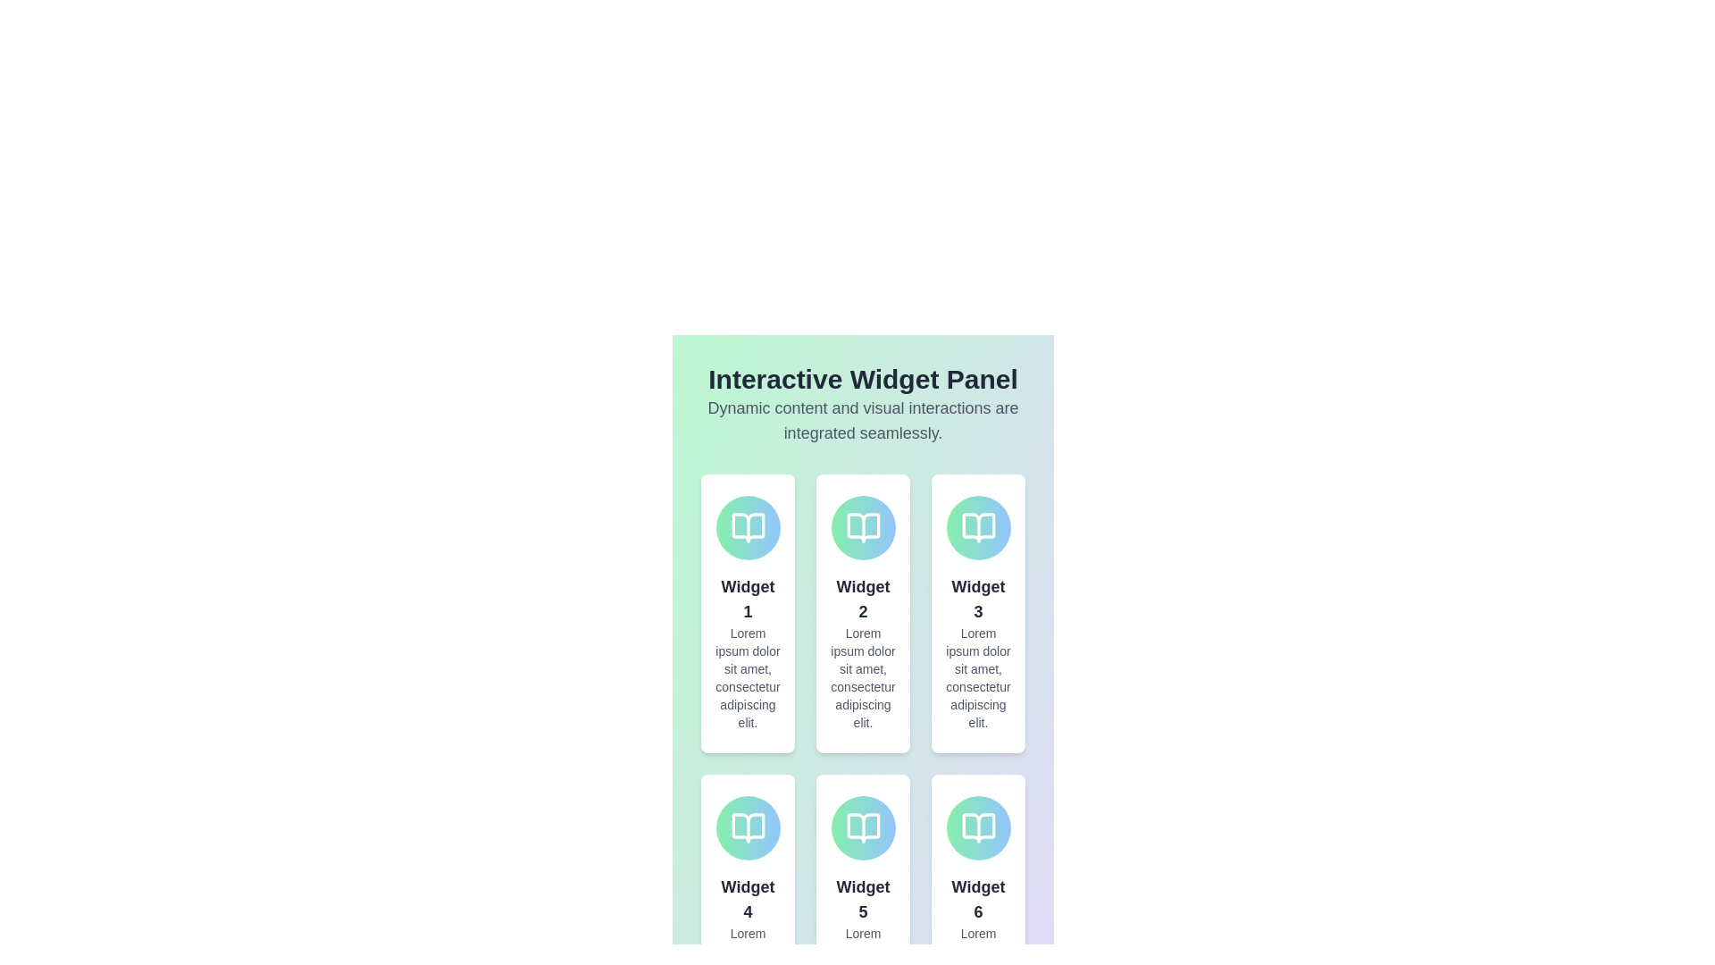  Describe the element at coordinates (977, 827) in the screenshot. I see `the circular icon with a gradient background and a white book icon in the center, located in the bottom-right corner of the 'Widget 6' panel` at that location.